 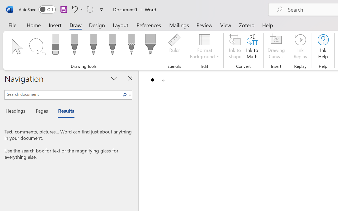 What do you see at coordinates (76, 9) in the screenshot?
I see `'Undo Bullet Default'` at bounding box center [76, 9].